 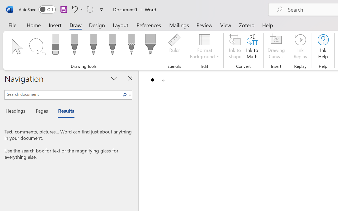 What do you see at coordinates (76, 9) in the screenshot?
I see `'Undo Bullet Default'` at bounding box center [76, 9].